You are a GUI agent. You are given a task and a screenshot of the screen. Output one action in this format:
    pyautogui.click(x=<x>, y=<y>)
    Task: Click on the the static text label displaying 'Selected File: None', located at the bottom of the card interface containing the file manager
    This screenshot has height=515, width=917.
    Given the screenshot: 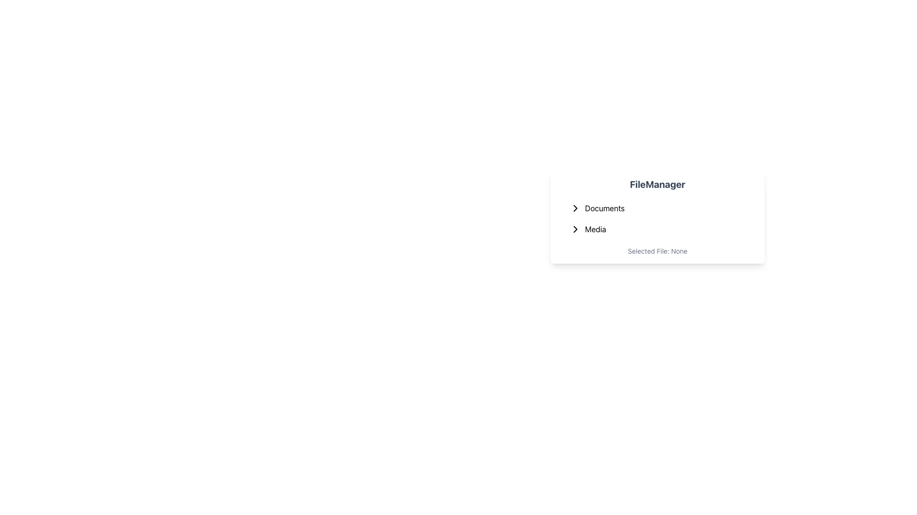 What is the action you would take?
    pyautogui.click(x=657, y=251)
    